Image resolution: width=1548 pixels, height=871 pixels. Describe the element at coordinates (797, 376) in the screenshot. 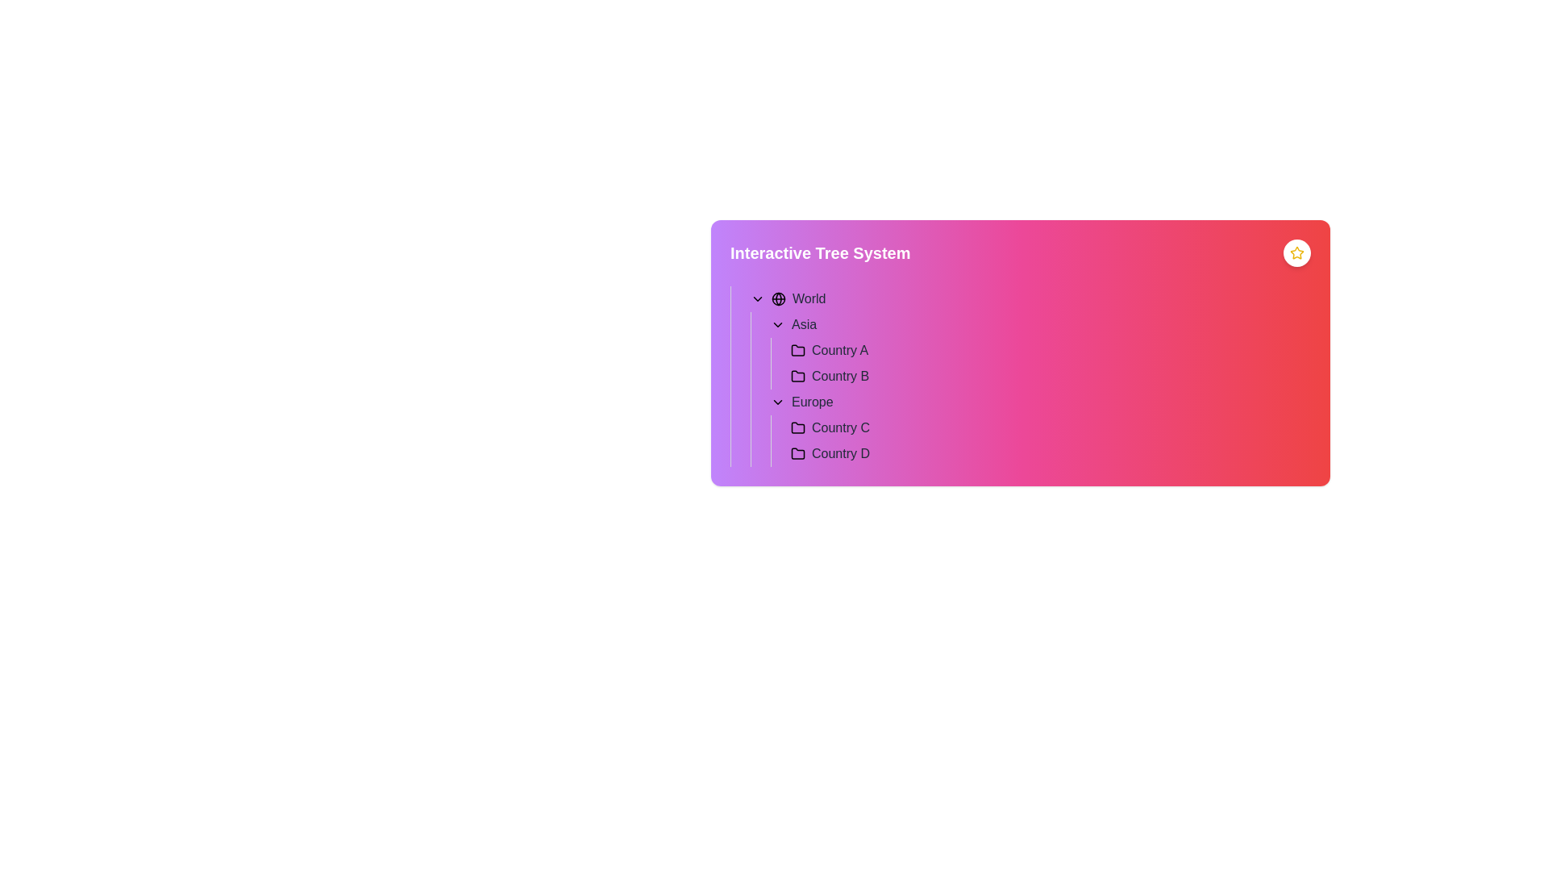

I see `the SVG folder icon element located next to the text 'Country B' in the tree menu` at that location.